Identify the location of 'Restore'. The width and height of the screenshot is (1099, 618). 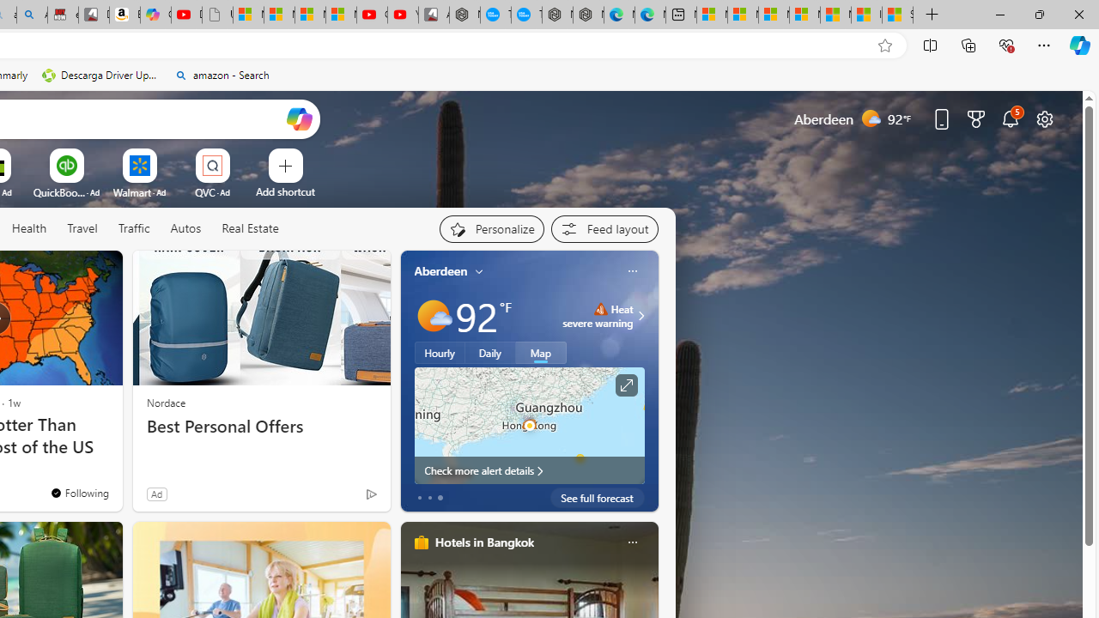
(1038, 14).